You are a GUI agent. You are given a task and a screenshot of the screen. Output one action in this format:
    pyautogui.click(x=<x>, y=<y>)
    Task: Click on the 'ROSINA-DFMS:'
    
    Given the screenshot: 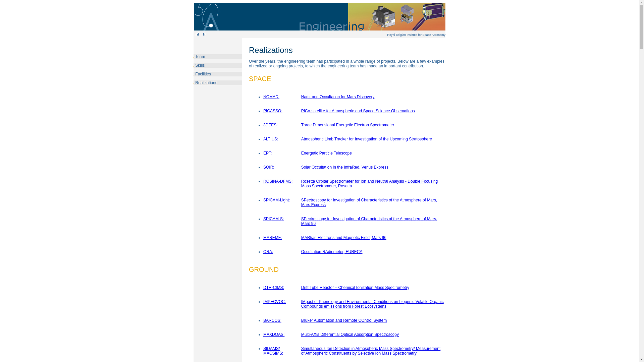 What is the action you would take?
    pyautogui.click(x=278, y=181)
    